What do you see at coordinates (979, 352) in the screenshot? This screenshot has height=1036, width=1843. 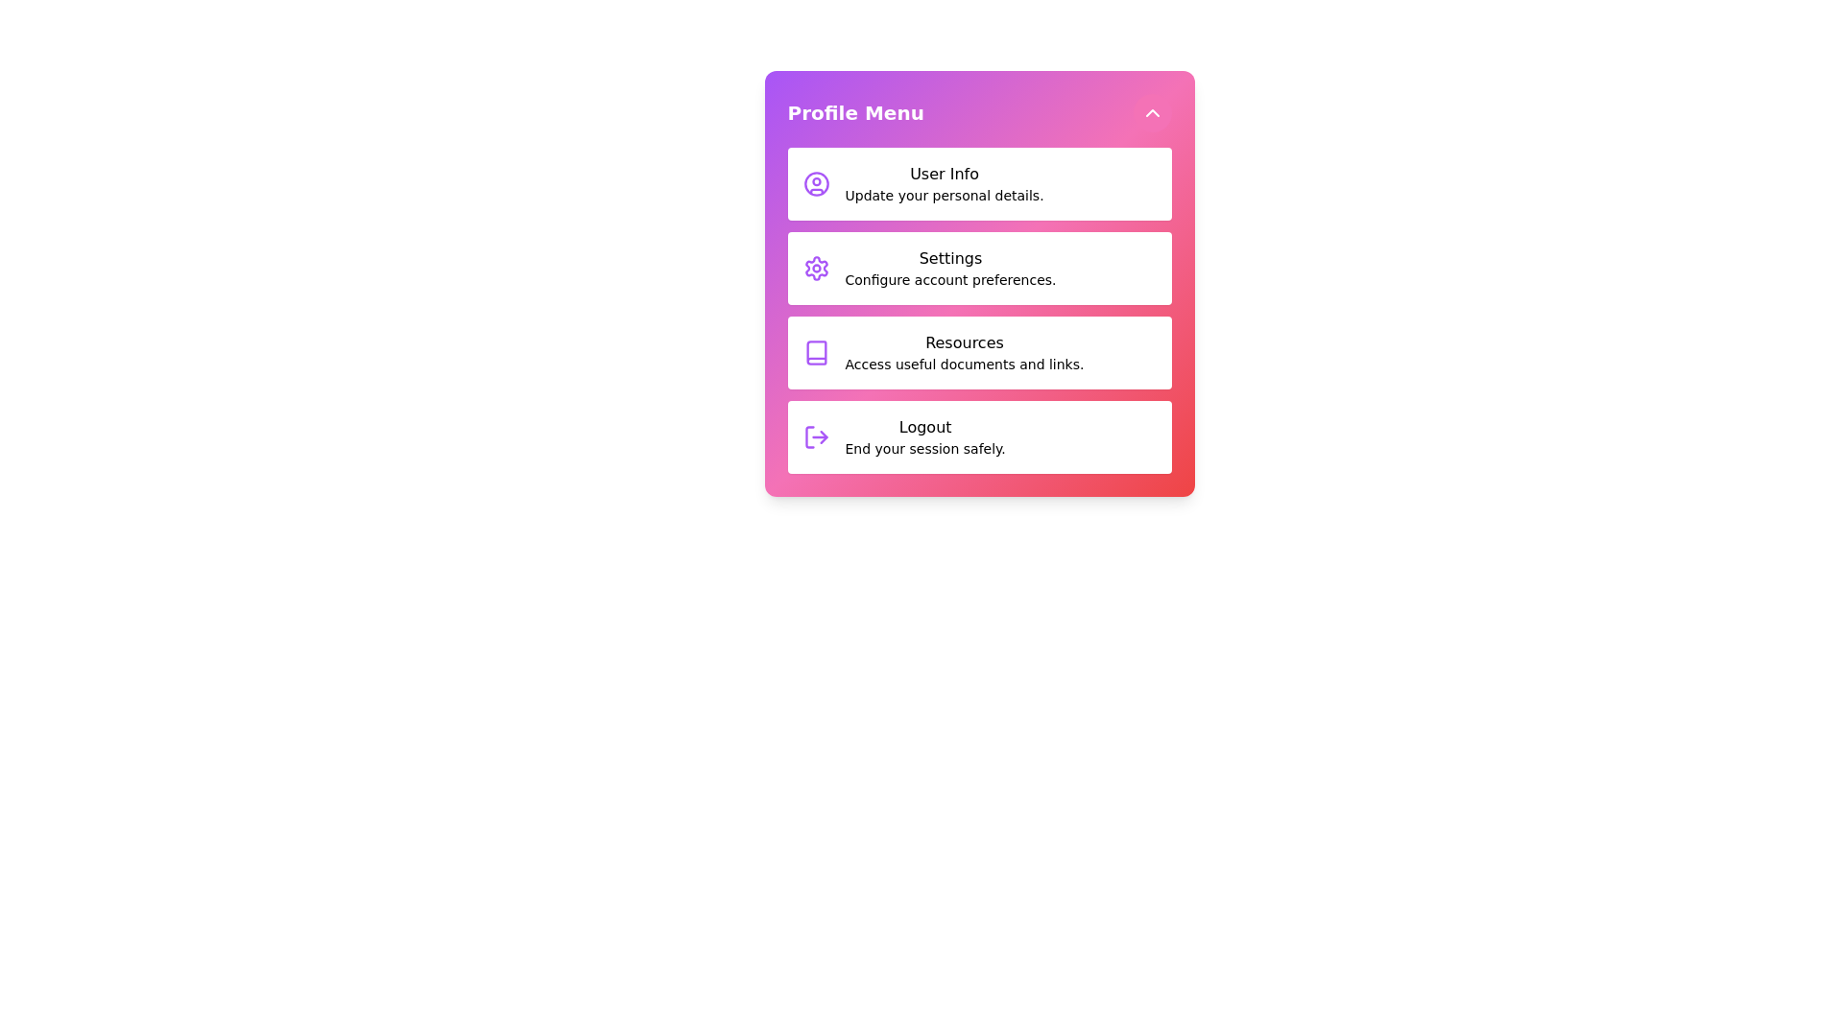 I see `the menu item labeled 'Resources' to observe hover effects` at bounding box center [979, 352].